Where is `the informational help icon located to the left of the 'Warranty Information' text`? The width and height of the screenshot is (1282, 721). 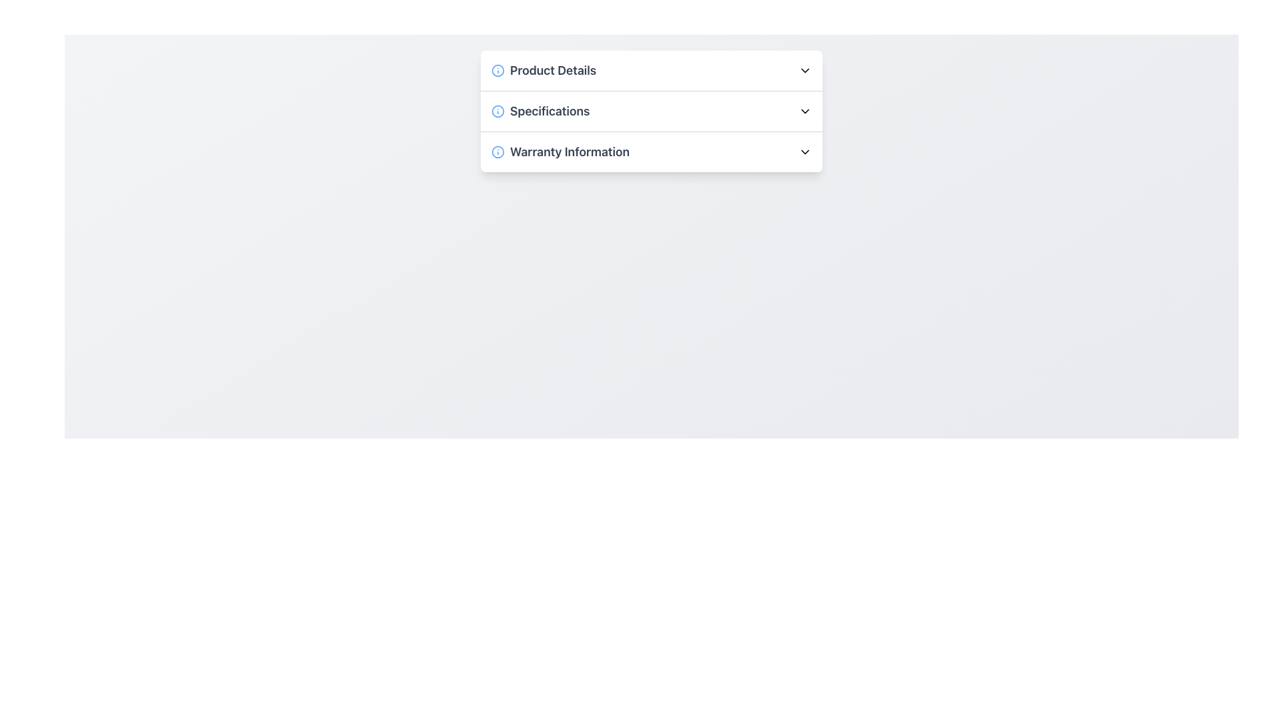 the informational help icon located to the left of the 'Warranty Information' text is located at coordinates (497, 151).